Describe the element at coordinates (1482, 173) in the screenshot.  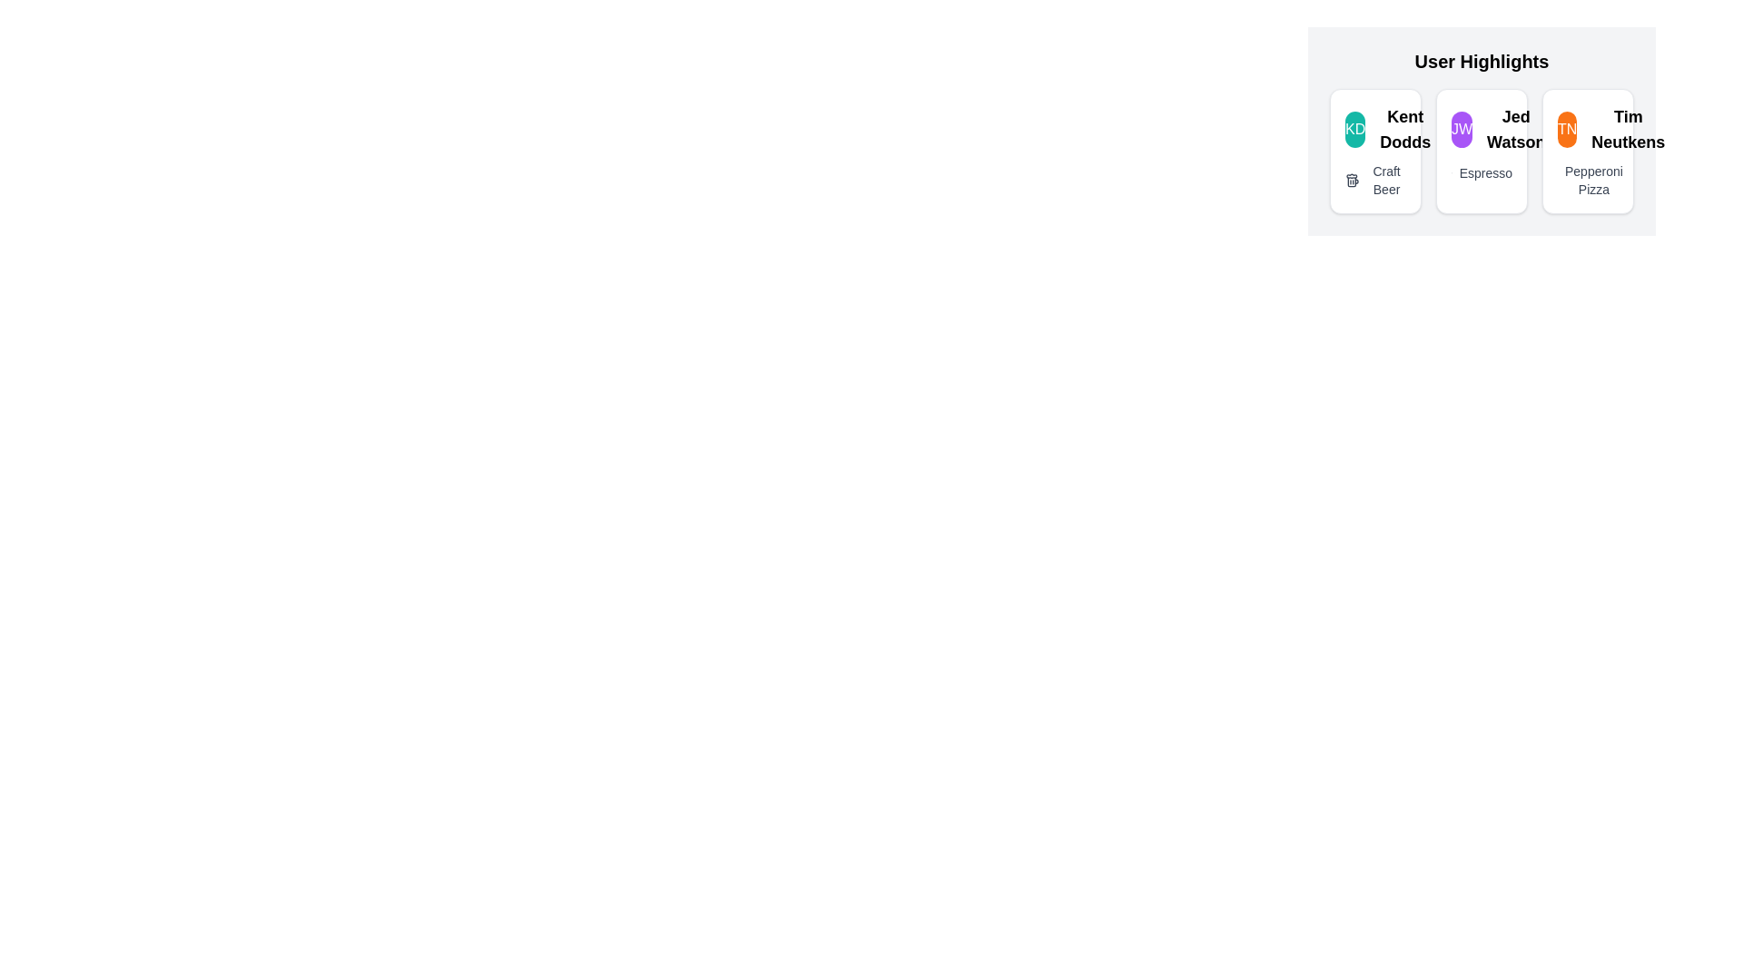
I see `the text label 'Espresso' styled in a small gray font located below the name 'Jed Watson' and adjacent to a coffee cup icon` at that location.